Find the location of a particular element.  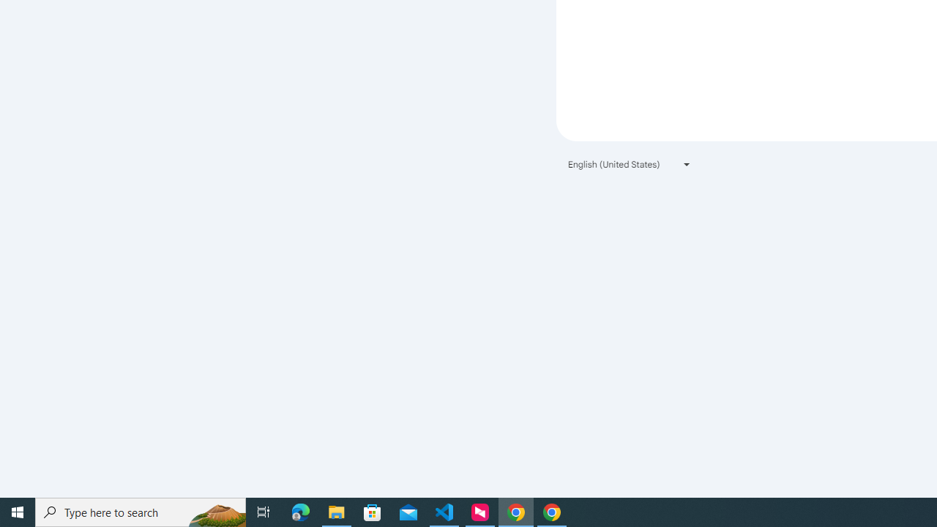

'English (United States)' is located at coordinates (630, 164).